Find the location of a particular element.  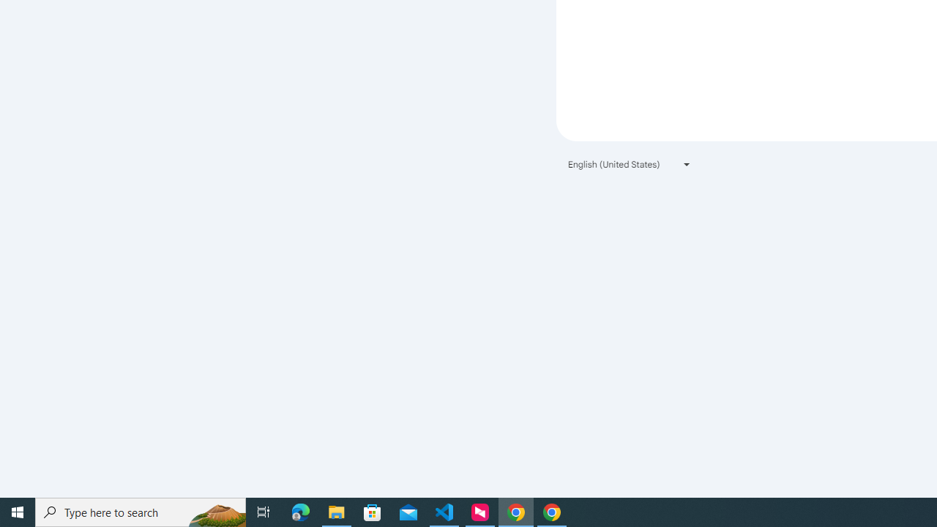

'English (United States)' is located at coordinates (630, 164).